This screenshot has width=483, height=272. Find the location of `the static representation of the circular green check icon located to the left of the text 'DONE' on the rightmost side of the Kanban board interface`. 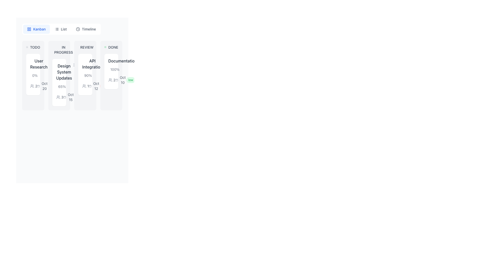

the static representation of the circular green check icon located to the left of the text 'DONE' on the rightmost side of the Kanban board interface is located at coordinates (105, 47).